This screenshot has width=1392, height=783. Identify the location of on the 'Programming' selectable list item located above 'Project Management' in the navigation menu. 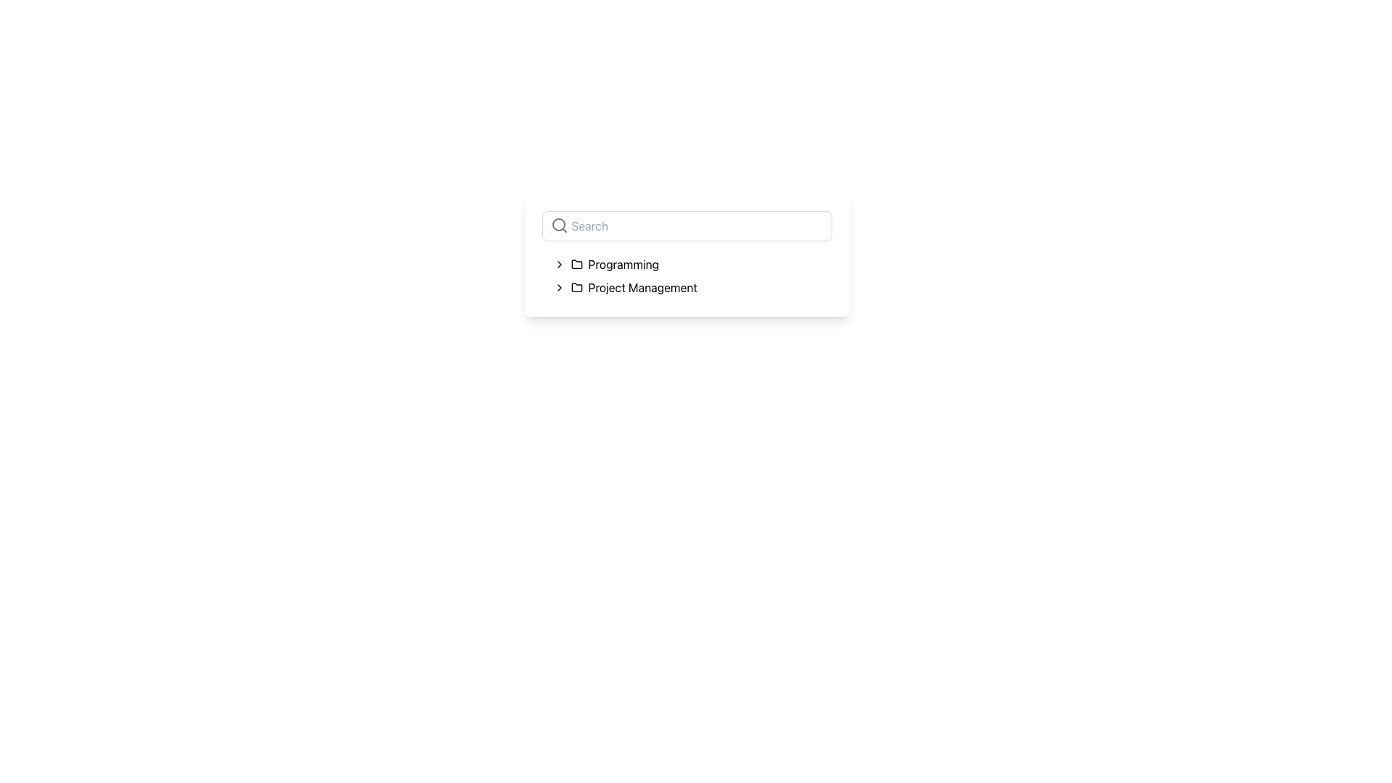
(692, 265).